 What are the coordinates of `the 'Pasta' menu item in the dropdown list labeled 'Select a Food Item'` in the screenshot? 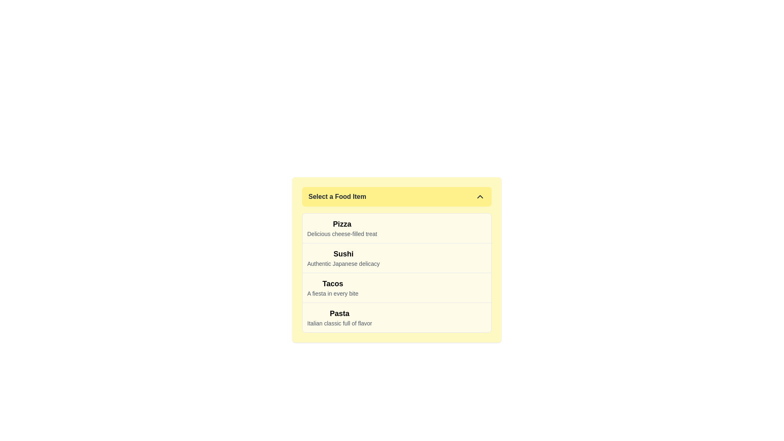 It's located at (396, 317).